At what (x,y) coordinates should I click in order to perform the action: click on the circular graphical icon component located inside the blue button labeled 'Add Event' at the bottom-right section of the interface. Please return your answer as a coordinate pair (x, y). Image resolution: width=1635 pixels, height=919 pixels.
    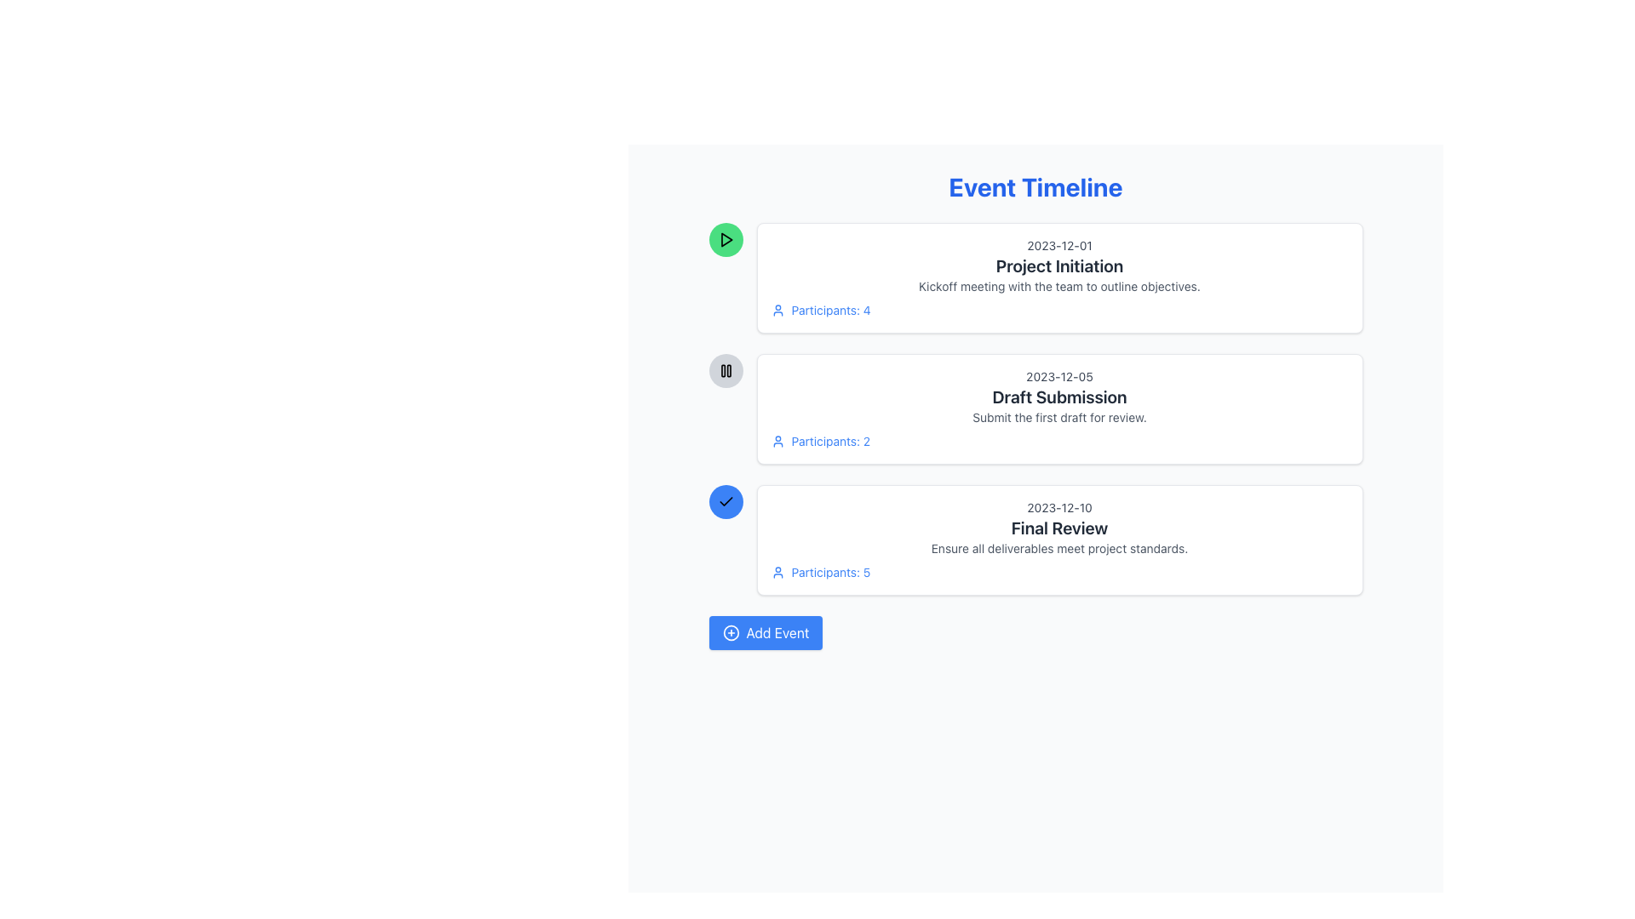
    Looking at the image, I should click on (731, 633).